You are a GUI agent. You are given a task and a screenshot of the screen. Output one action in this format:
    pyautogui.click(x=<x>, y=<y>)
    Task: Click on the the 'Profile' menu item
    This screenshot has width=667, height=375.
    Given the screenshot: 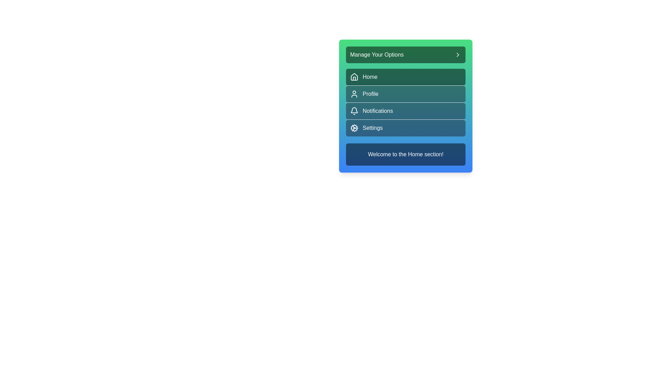 What is the action you would take?
    pyautogui.click(x=405, y=94)
    